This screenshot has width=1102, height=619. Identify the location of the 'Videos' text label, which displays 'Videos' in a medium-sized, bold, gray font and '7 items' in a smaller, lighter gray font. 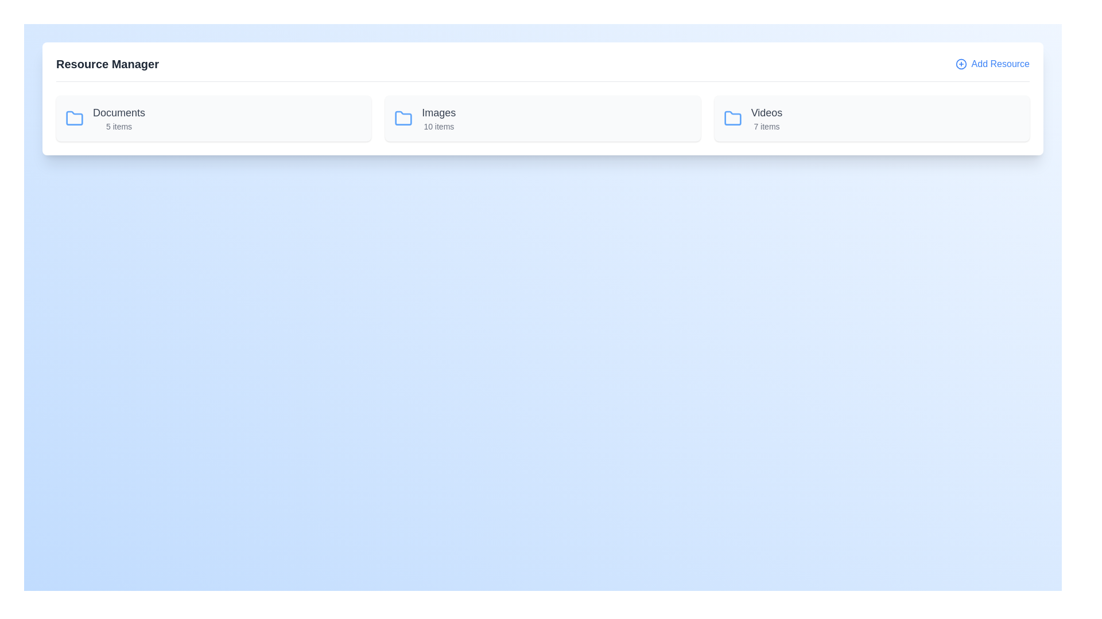
(766, 119).